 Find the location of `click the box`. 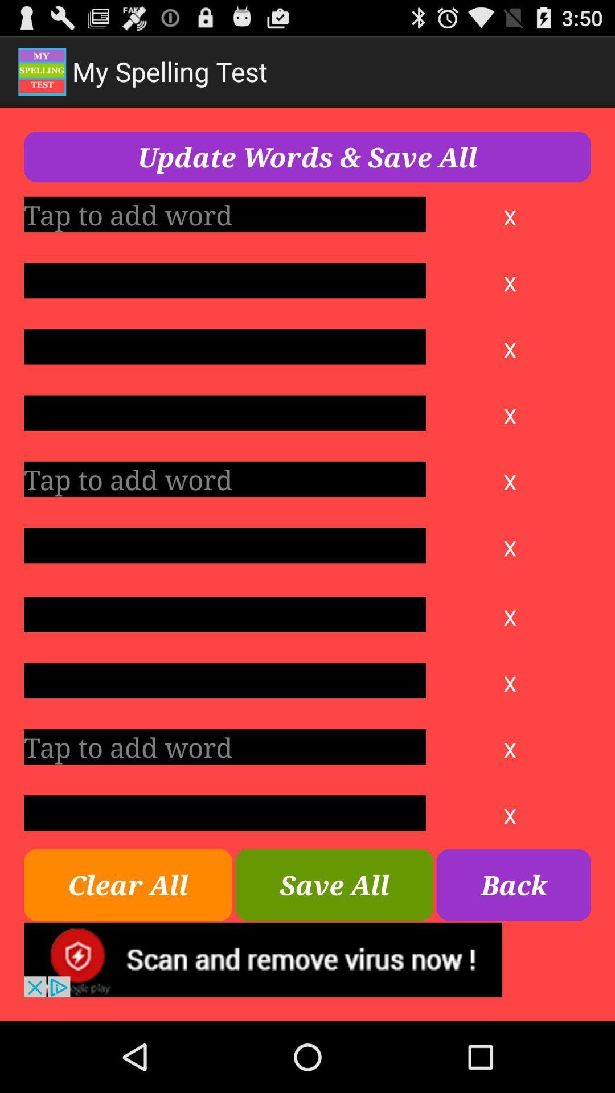

click the box is located at coordinates (224, 346).